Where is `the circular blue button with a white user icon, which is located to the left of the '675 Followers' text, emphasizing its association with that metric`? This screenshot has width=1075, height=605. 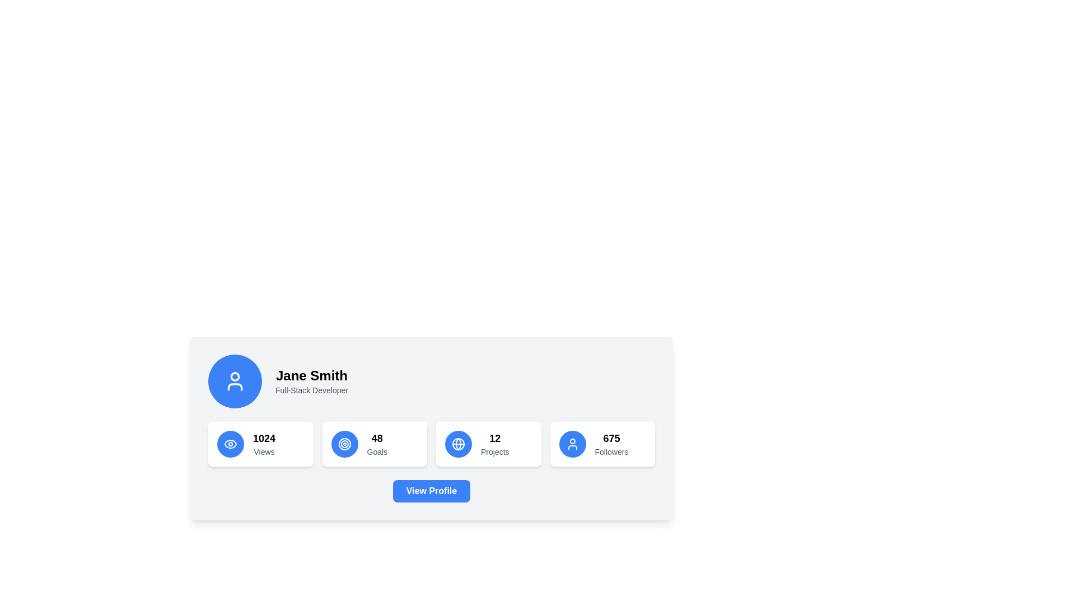 the circular blue button with a white user icon, which is located to the left of the '675 Followers' text, emphasizing its association with that metric is located at coordinates (572, 444).